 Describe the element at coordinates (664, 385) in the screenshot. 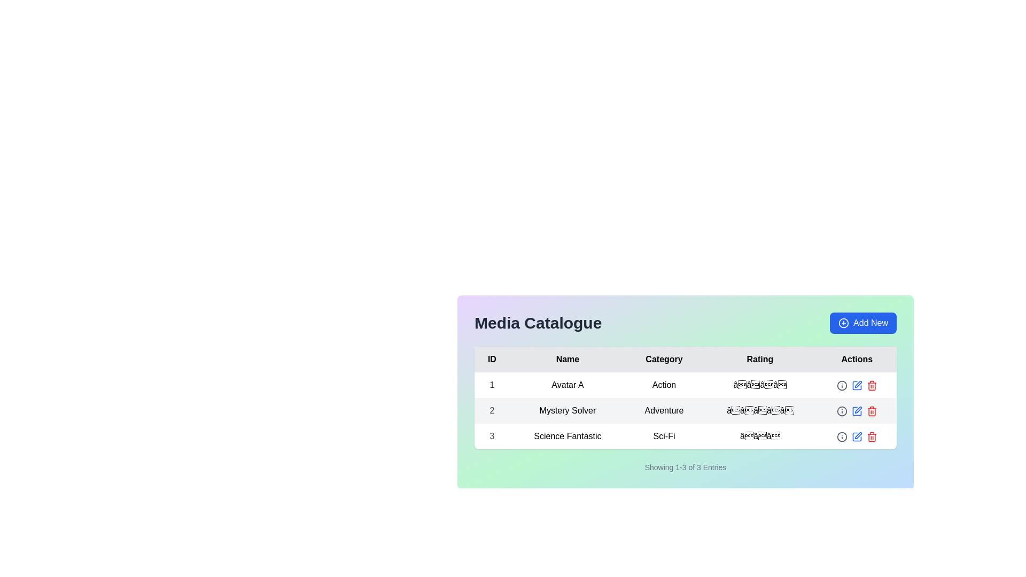

I see `the non-interactive text label displaying 'Action' for the item 'Avatar A' in the 'Category' column of the table` at that location.